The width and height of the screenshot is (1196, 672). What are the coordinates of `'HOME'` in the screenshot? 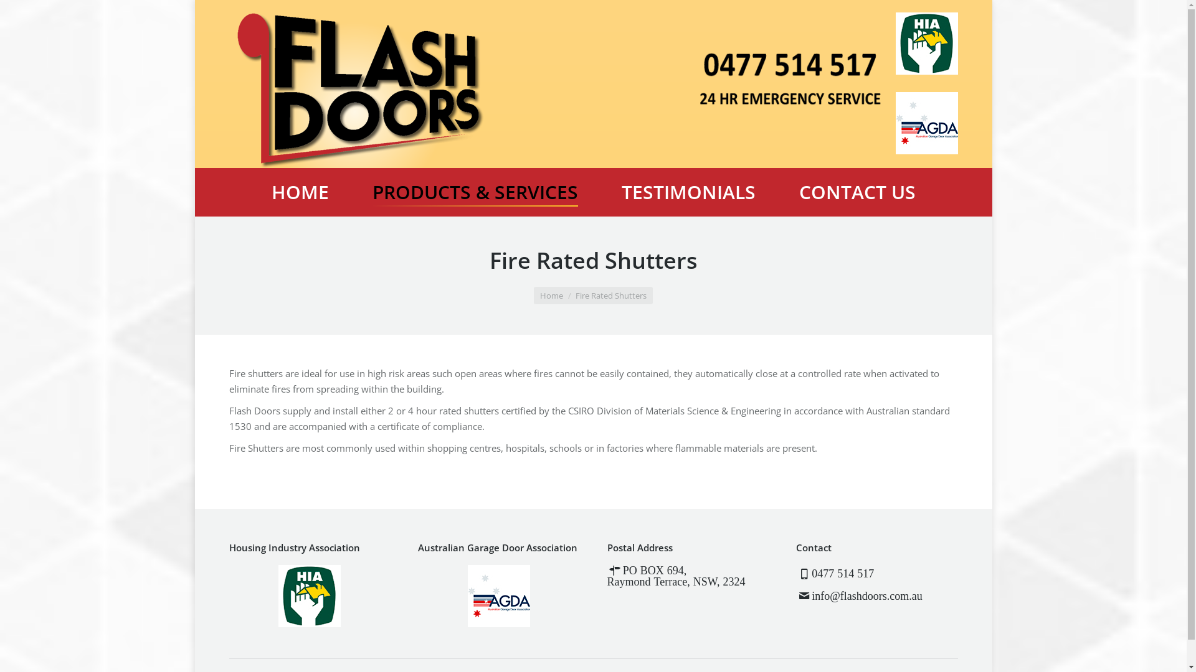 It's located at (299, 192).